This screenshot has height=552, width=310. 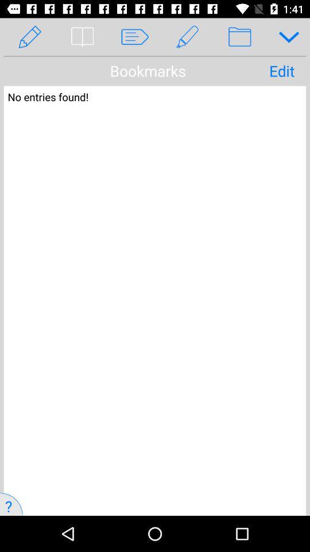 I want to click on the book icon, so click(x=82, y=37).